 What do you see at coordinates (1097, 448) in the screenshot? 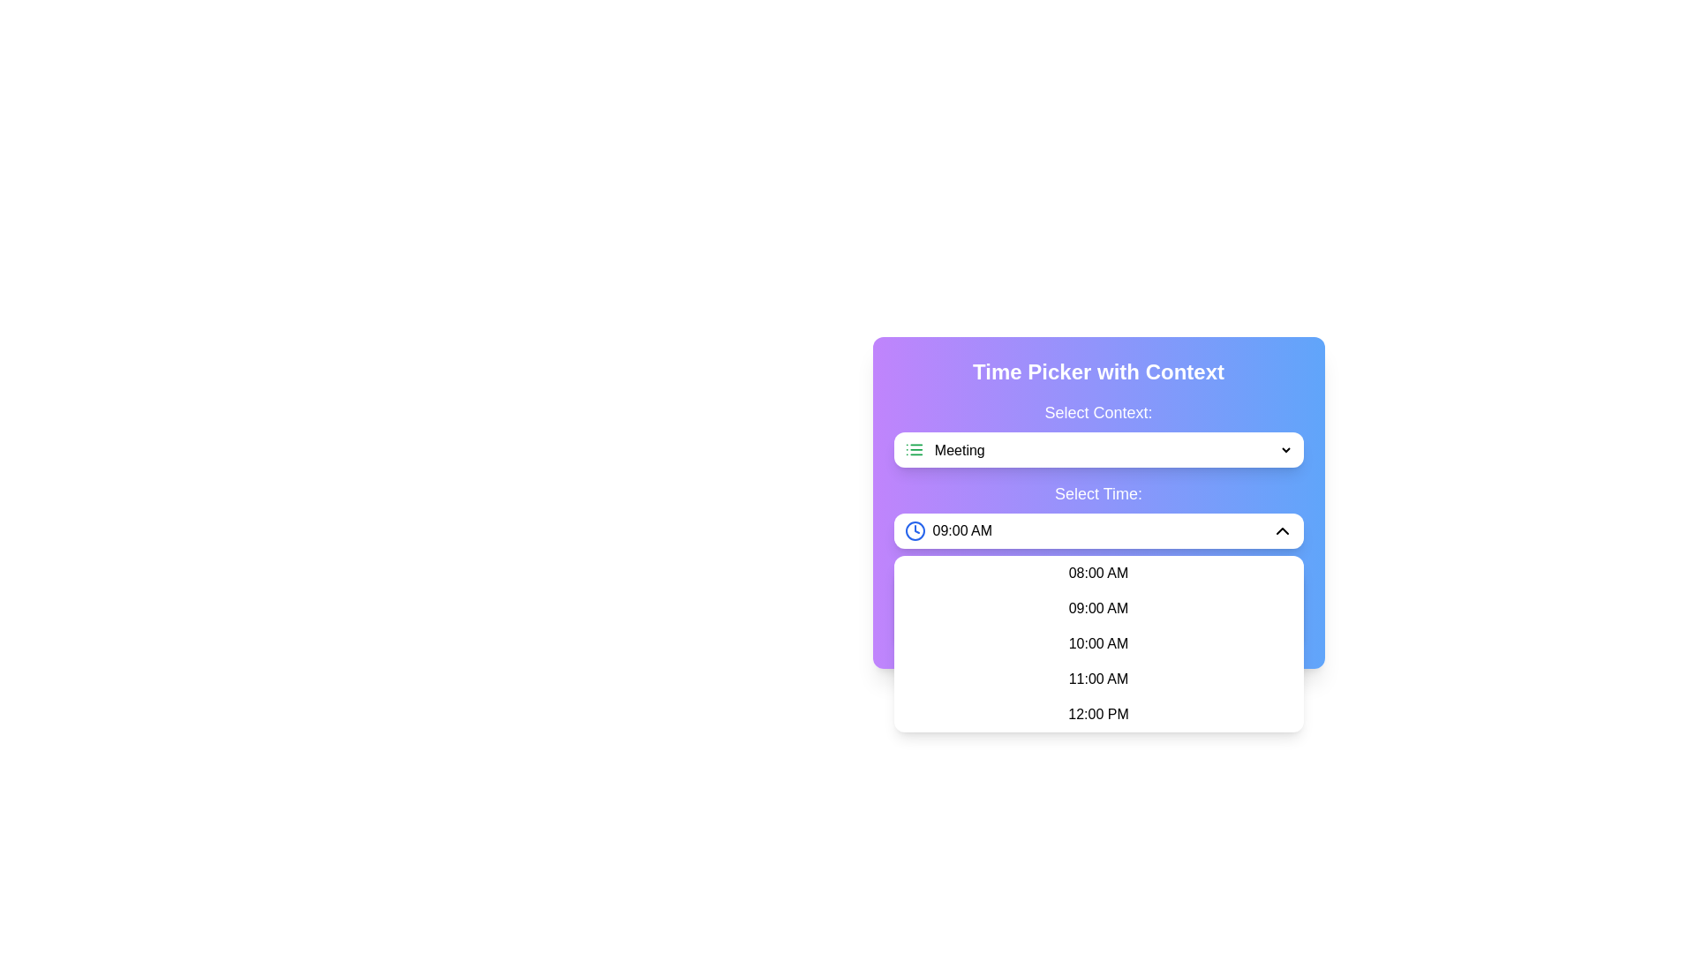
I see `the dropdown menu labeled 'Select Context:'` at bounding box center [1097, 448].